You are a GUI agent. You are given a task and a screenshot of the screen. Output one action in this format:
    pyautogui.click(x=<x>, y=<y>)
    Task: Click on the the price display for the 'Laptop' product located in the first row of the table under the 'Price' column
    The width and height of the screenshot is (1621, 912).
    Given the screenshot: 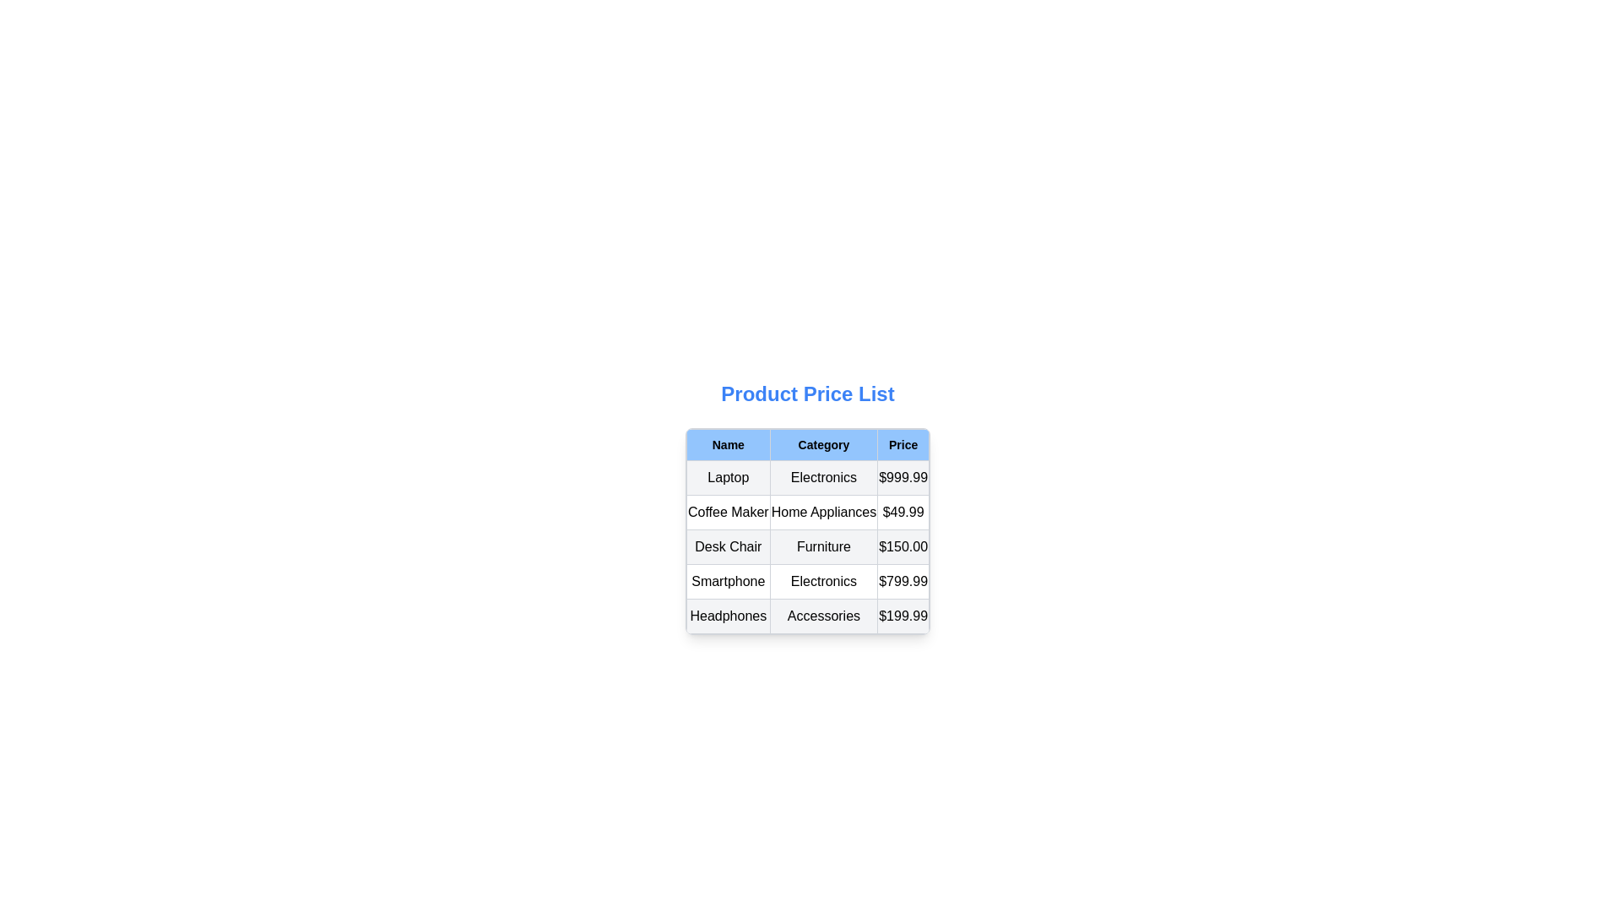 What is the action you would take?
    pyautogui.click(x=903, y=478)
    